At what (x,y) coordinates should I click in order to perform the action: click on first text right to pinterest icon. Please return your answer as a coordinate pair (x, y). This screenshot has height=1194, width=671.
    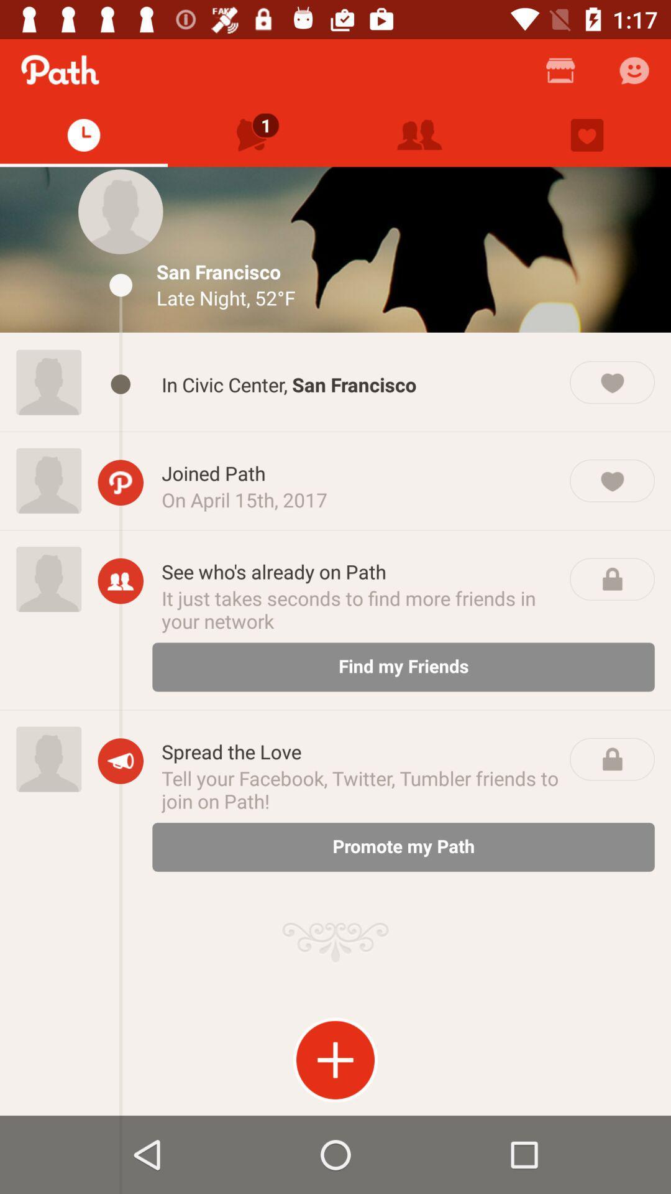
    Looking at the image, I should click on (361, 473).